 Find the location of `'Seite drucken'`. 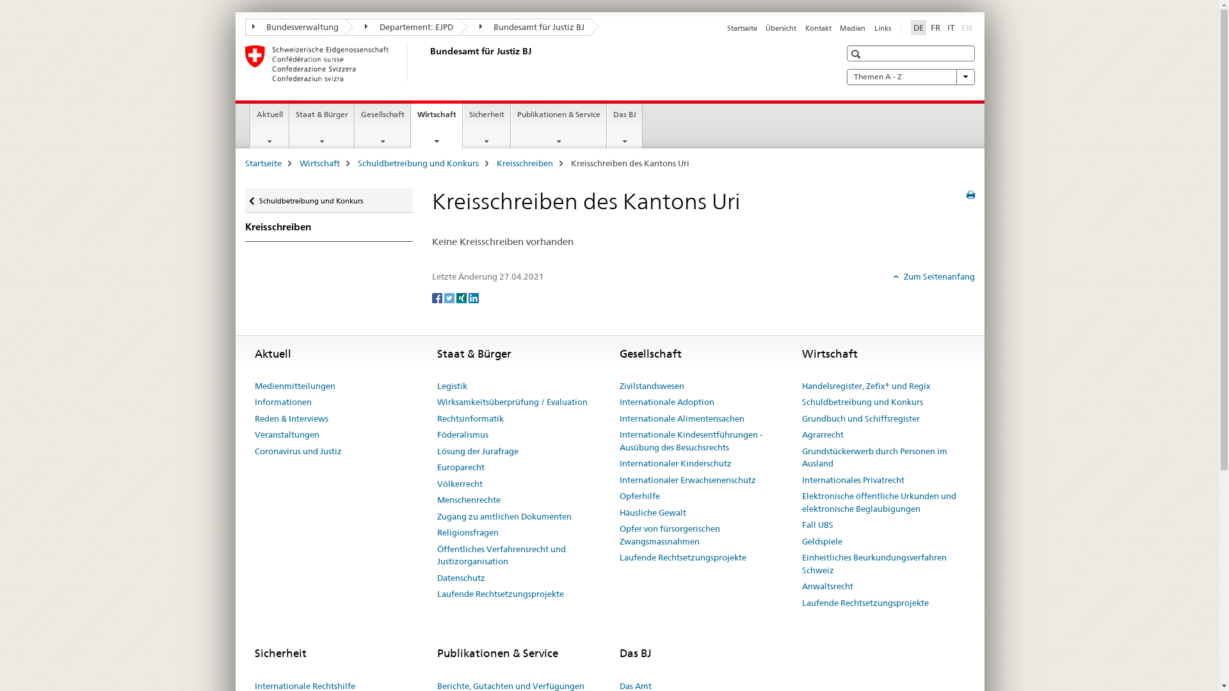

'Seite drucken' is located at coordinates (970, 195).